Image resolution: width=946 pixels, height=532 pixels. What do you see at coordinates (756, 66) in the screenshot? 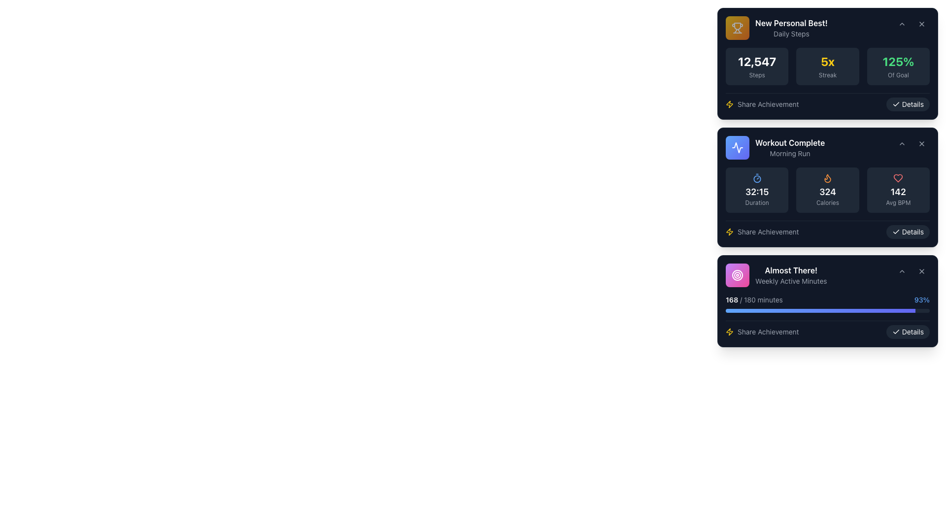
I see `the informational card displaying the steps count, located in the top-left corner of the grid layout` at bounding box center [756, 66].